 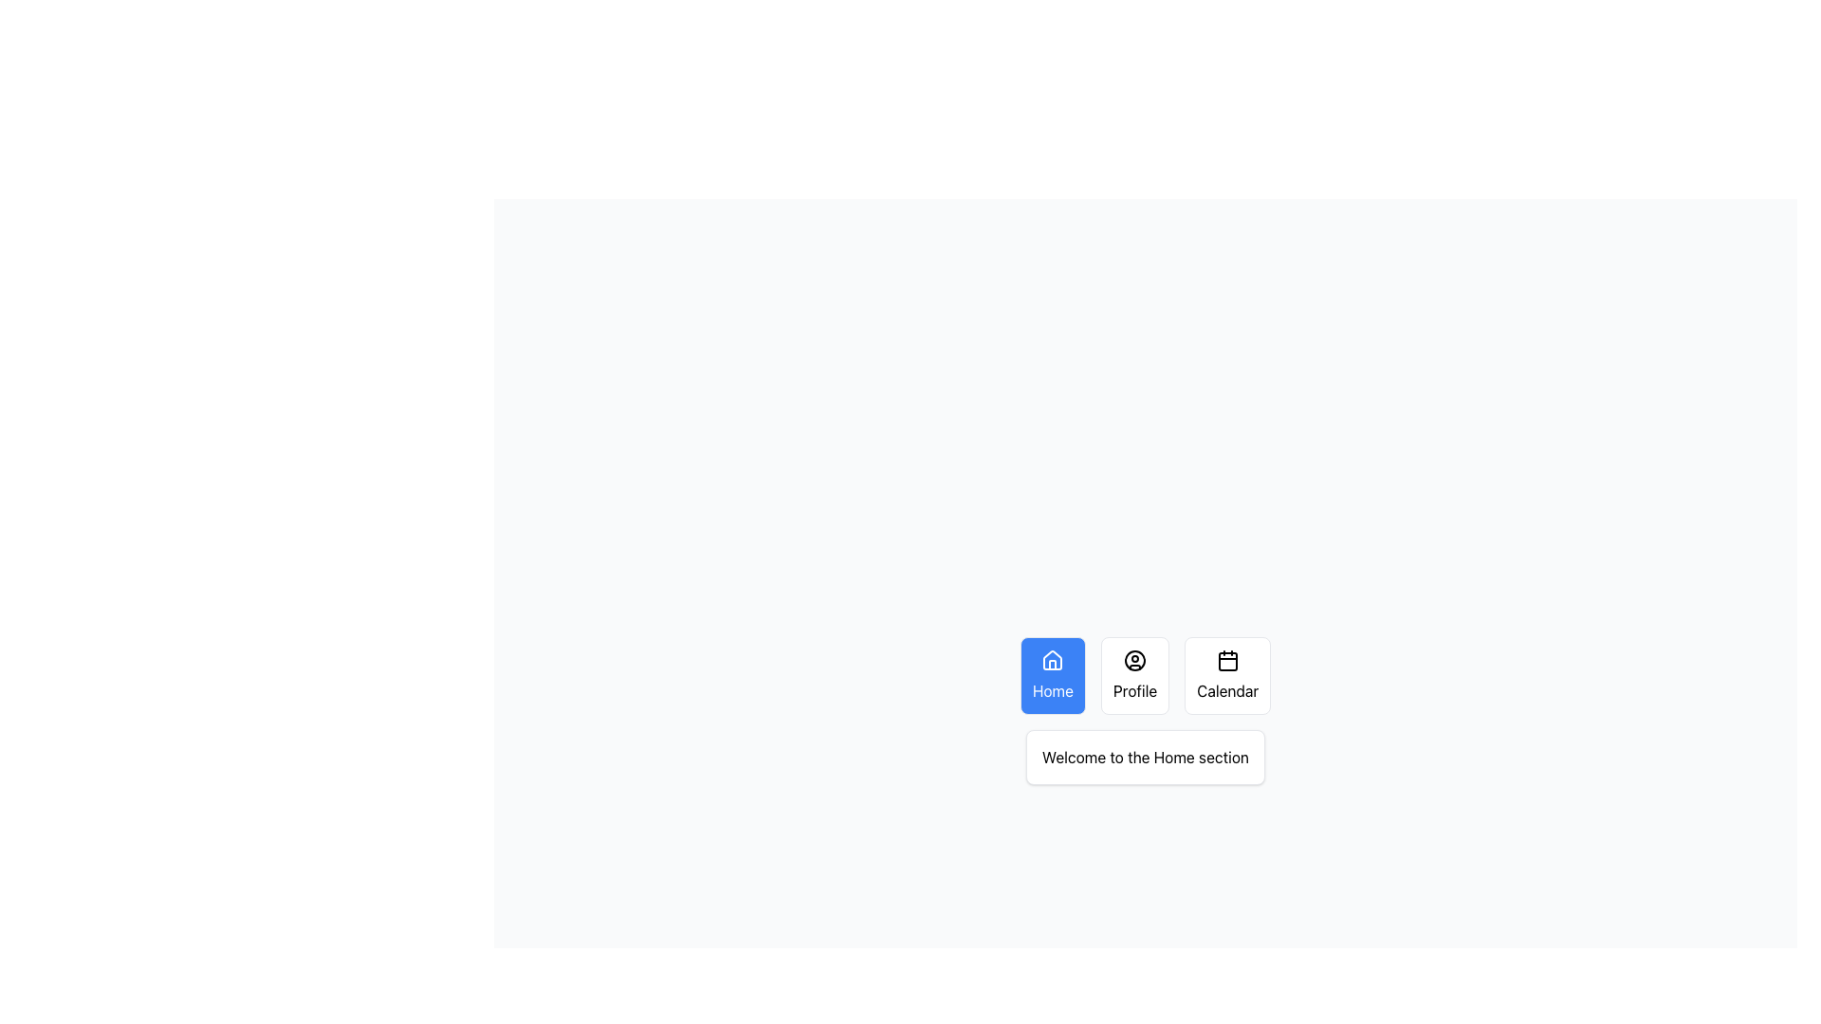 What do you see at coordinates (1227, 661) in the screenshot?
I see `the main square inside the calendar icon located in the 'Calendar' menu, which is the third item in the horizontal menu at the bottom right of the page` at bounding box center [1227, 661].